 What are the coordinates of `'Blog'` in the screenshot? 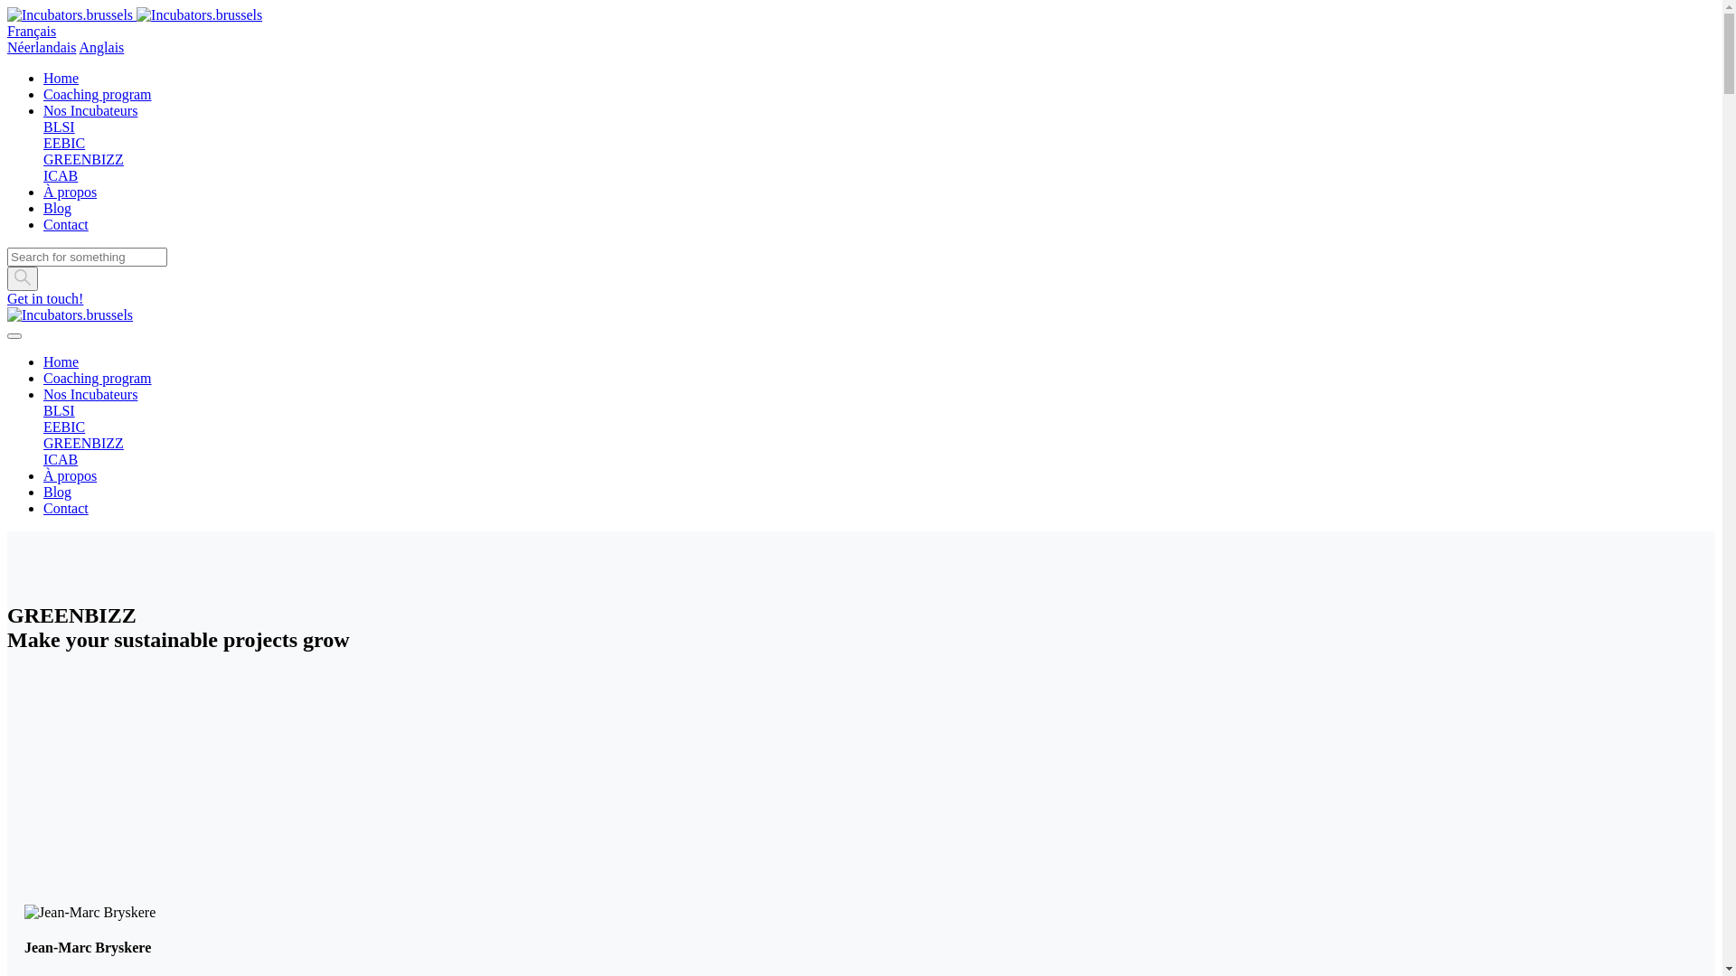 It's located at (57, 207).